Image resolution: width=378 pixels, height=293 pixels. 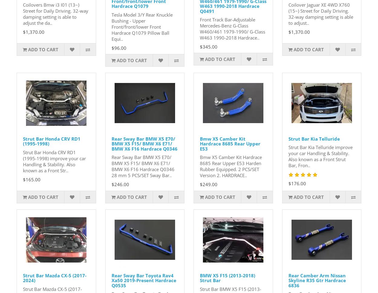 I want to click on 'Bmw X5 Camber Kit Hardrace 8685 Rear Upper E53', so click(x=230, y=143).